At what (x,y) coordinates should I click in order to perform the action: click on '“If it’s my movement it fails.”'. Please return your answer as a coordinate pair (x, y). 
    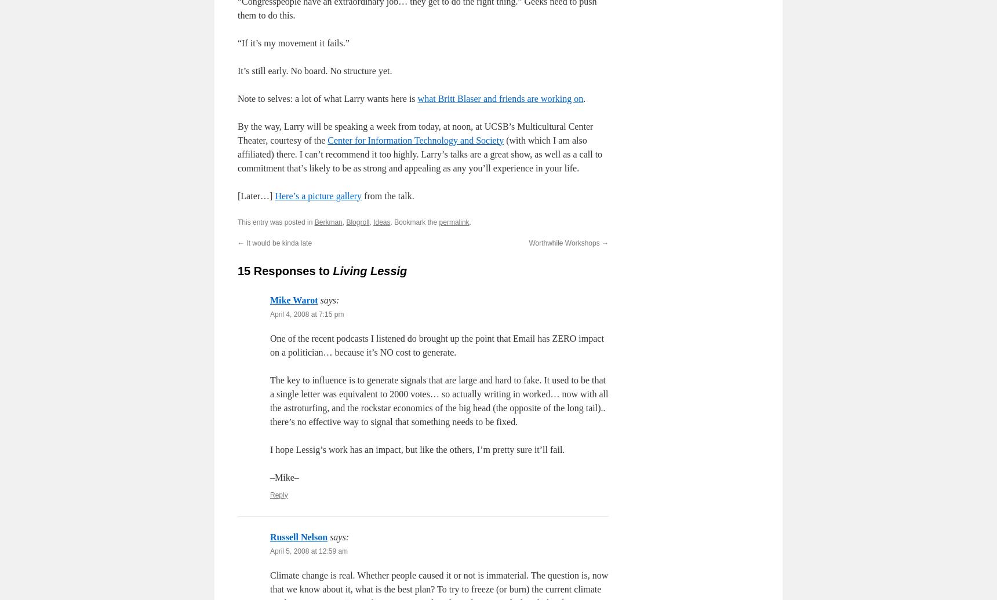
    Looking at the image, I should click on (293, 42).